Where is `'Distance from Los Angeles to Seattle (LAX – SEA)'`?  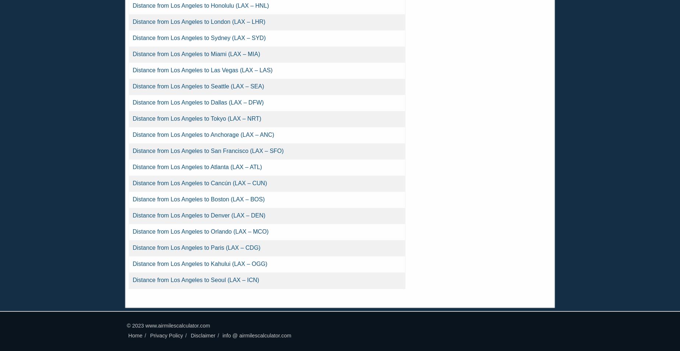
'Distance from Los Angeles to Seattle (LAX – SEA)' is located at coordinates (198, 86).